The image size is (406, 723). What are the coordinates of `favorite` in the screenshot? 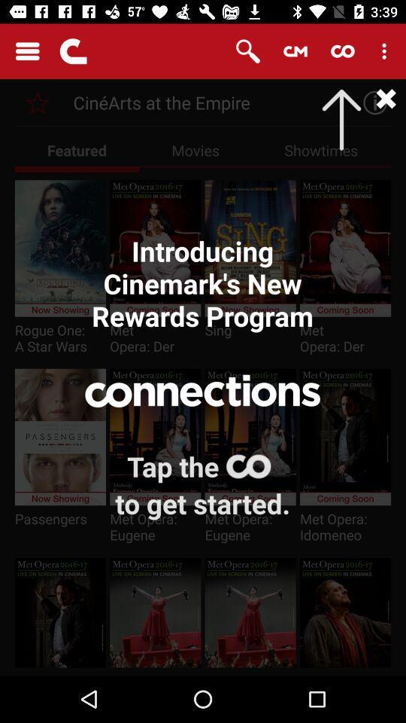 It's located at (38, 102).